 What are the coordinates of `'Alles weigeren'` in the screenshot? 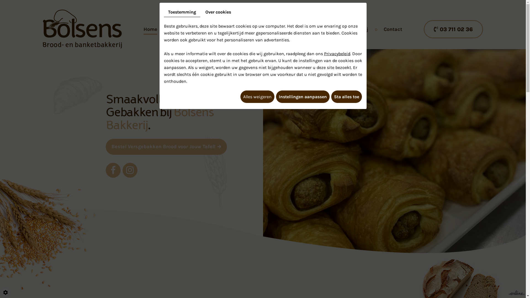 It's located at (240, 96).